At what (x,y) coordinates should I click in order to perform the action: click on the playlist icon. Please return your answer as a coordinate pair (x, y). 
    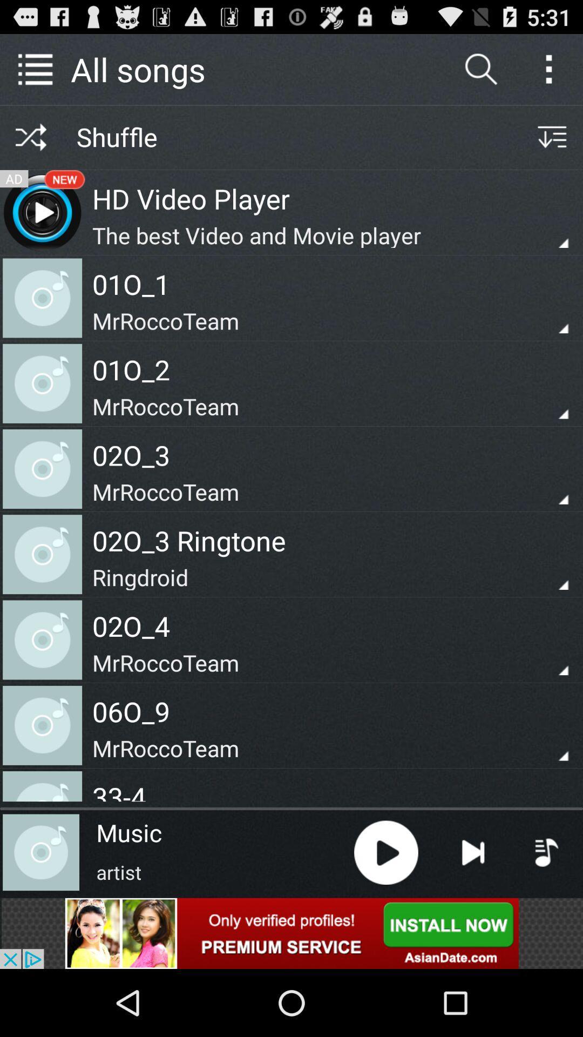
    Looking at the image, I should click on (546, 912).